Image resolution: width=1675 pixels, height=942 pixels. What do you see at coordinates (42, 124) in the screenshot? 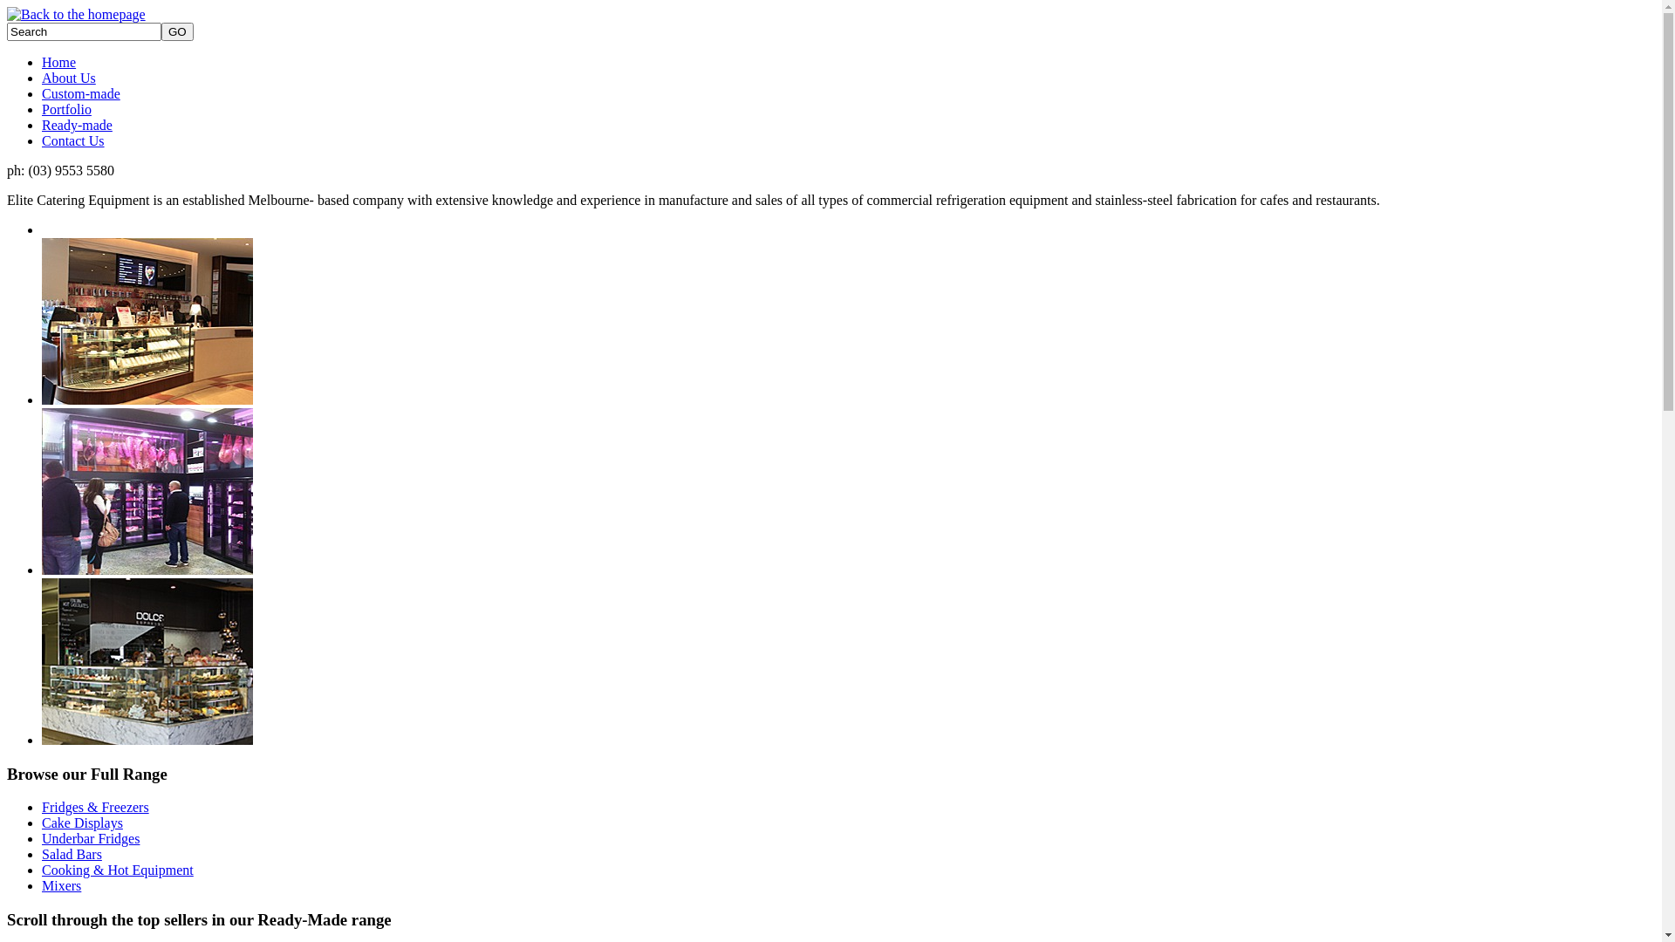
I see `'Ready-made'` at bounding box center [42, 124].